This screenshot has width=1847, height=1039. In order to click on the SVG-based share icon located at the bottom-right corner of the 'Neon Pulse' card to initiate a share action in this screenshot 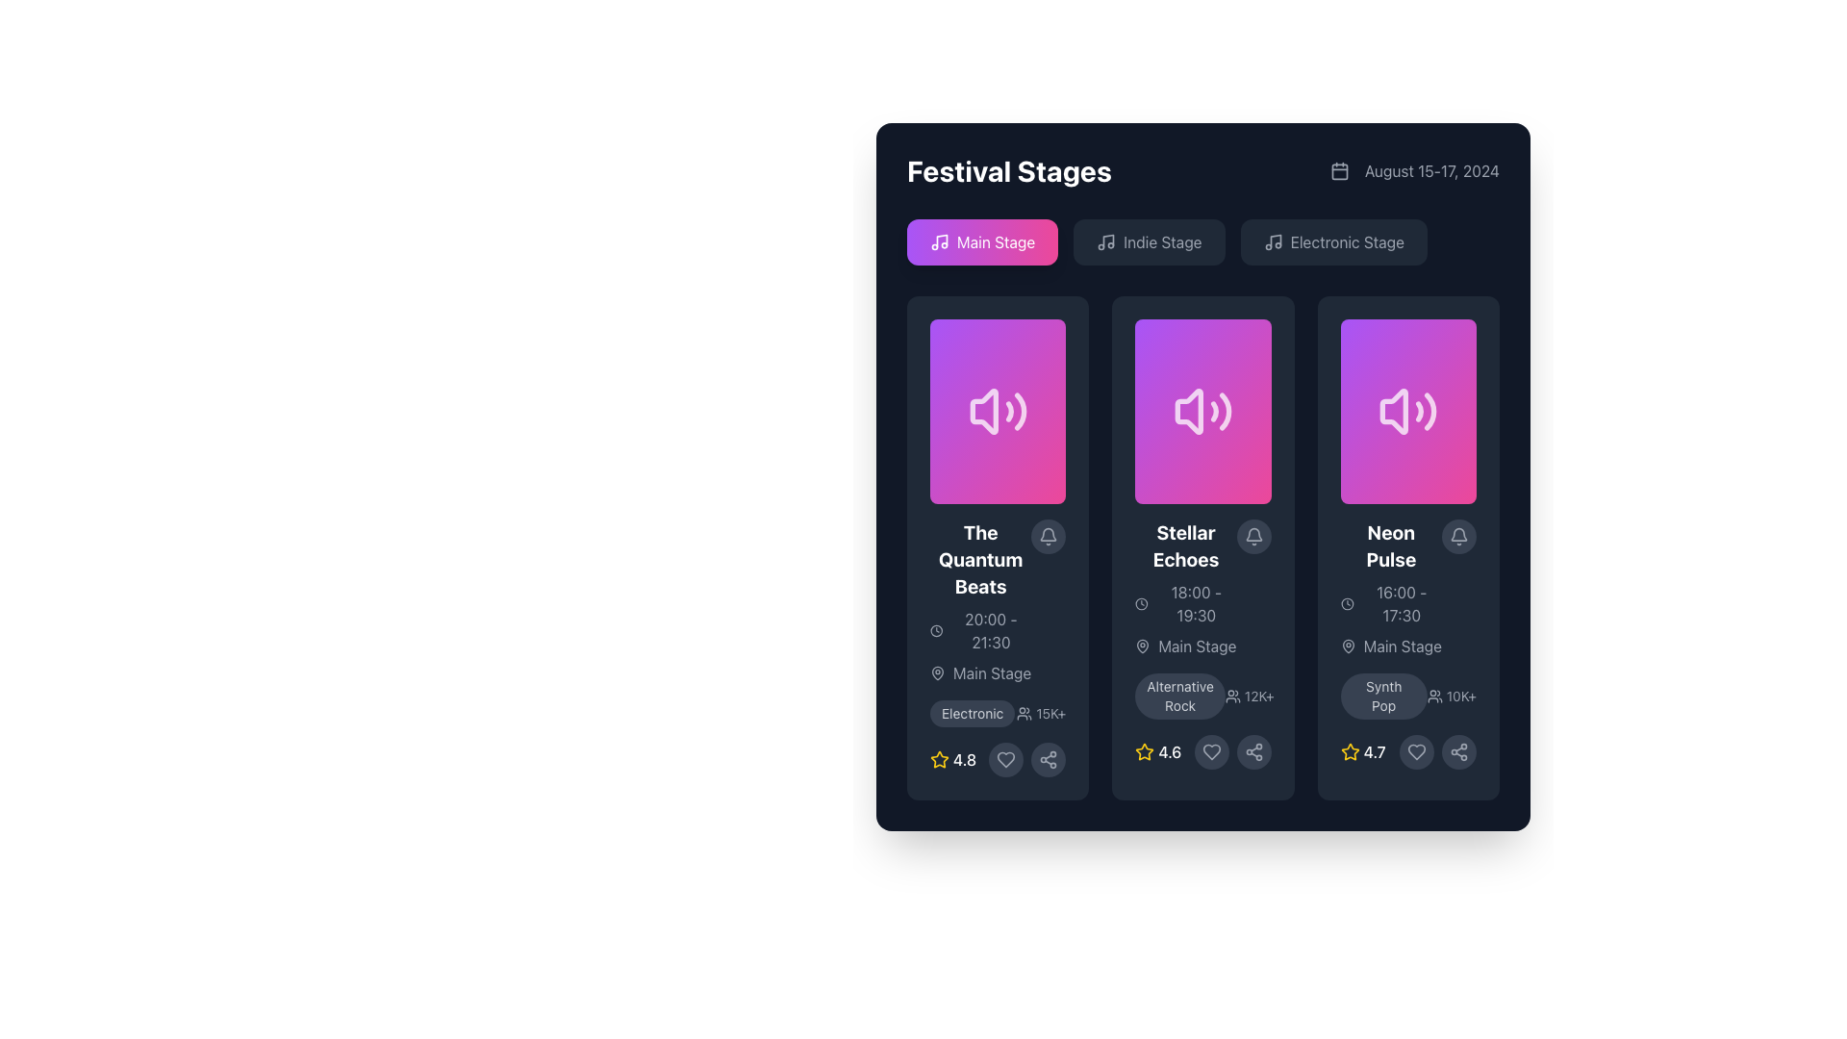, I will do `click(1458, 751)`.